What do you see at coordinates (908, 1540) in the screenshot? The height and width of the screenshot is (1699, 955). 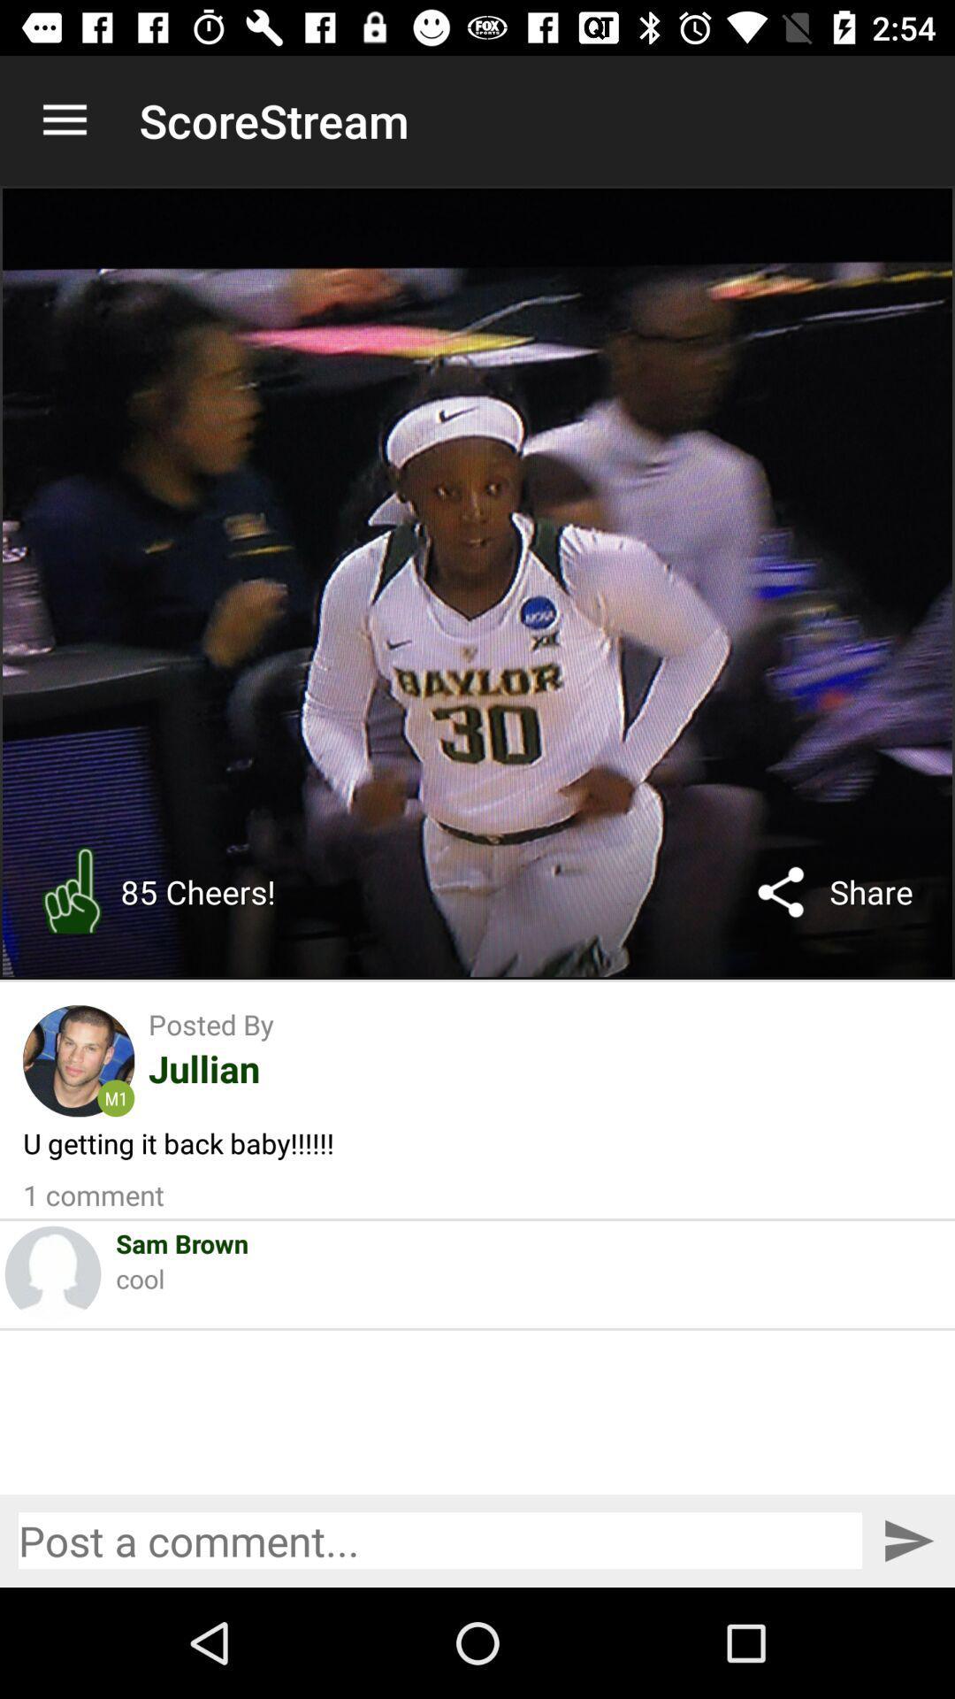 I see `go post this comment` at bounding box center [908, 1540].